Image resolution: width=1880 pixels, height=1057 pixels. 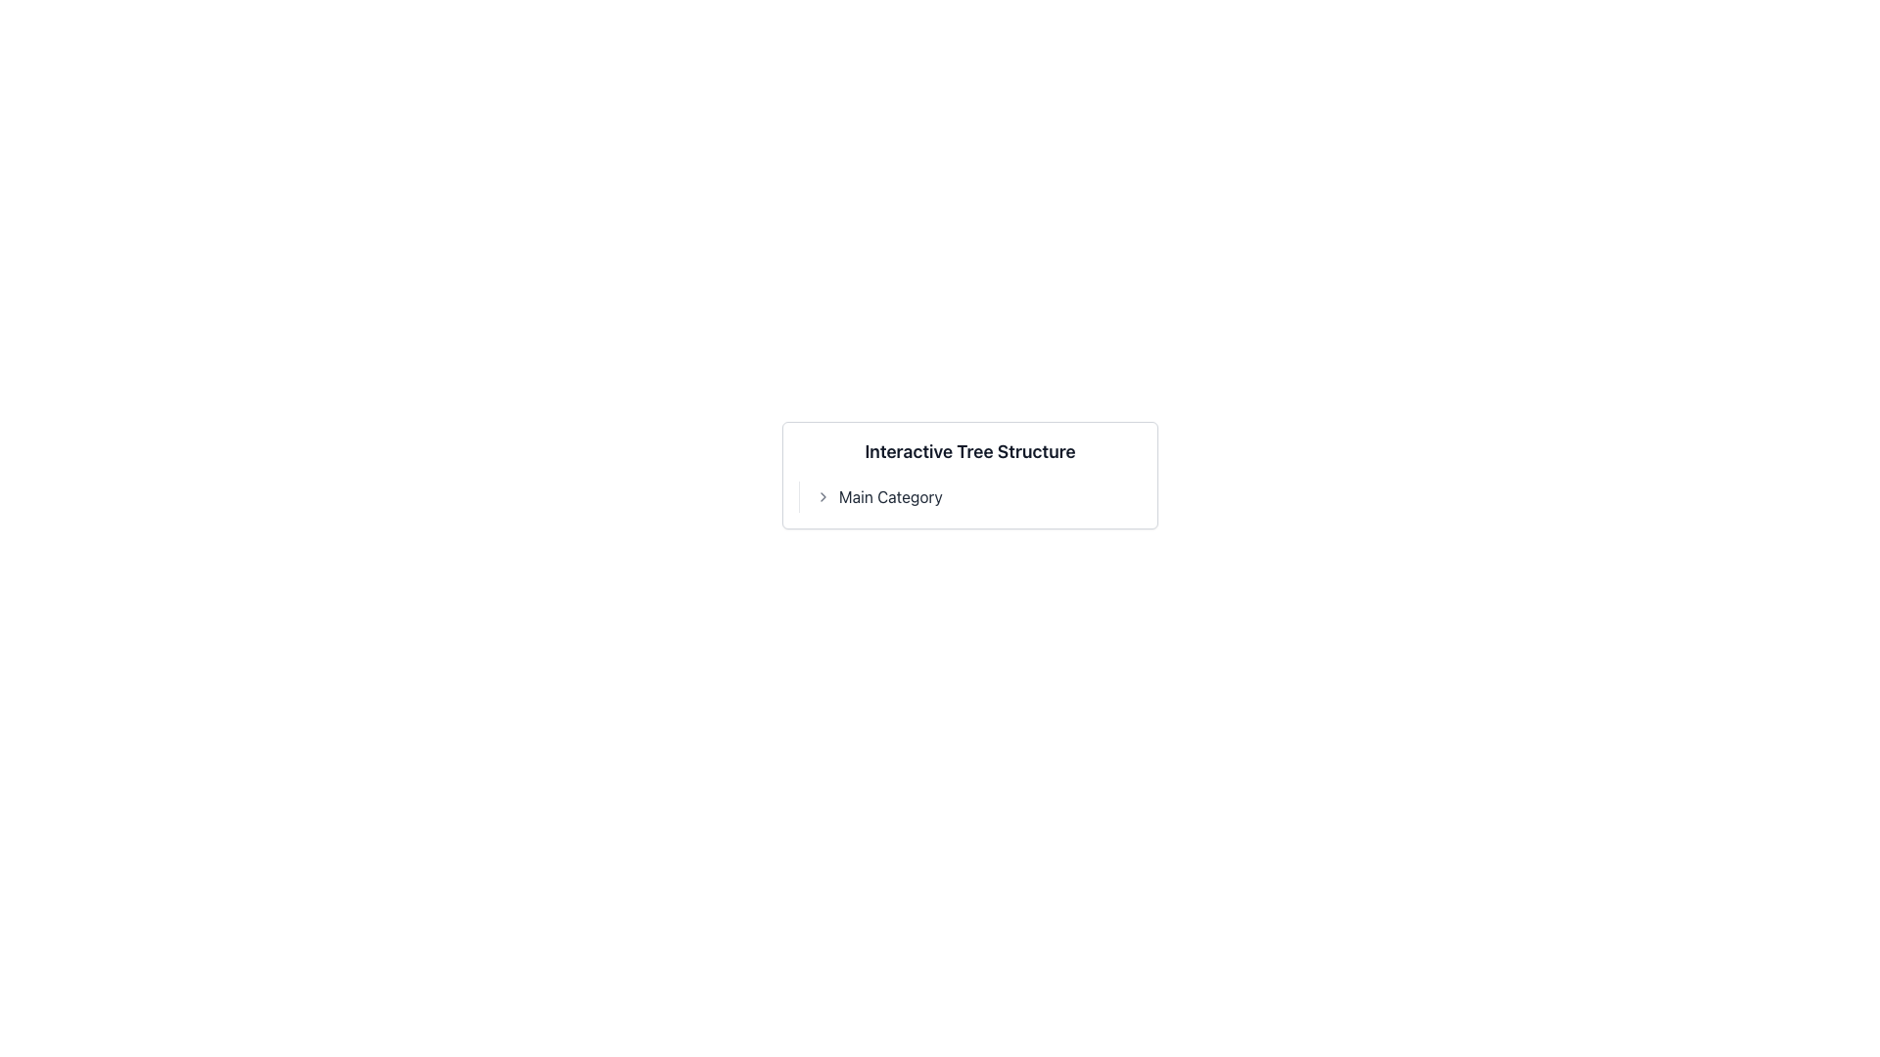 I want to click on the chevron icon positioned to the left of the text 'Main Category', which is styled with a muted gray color and points to the right, so click(x=822, y=496).